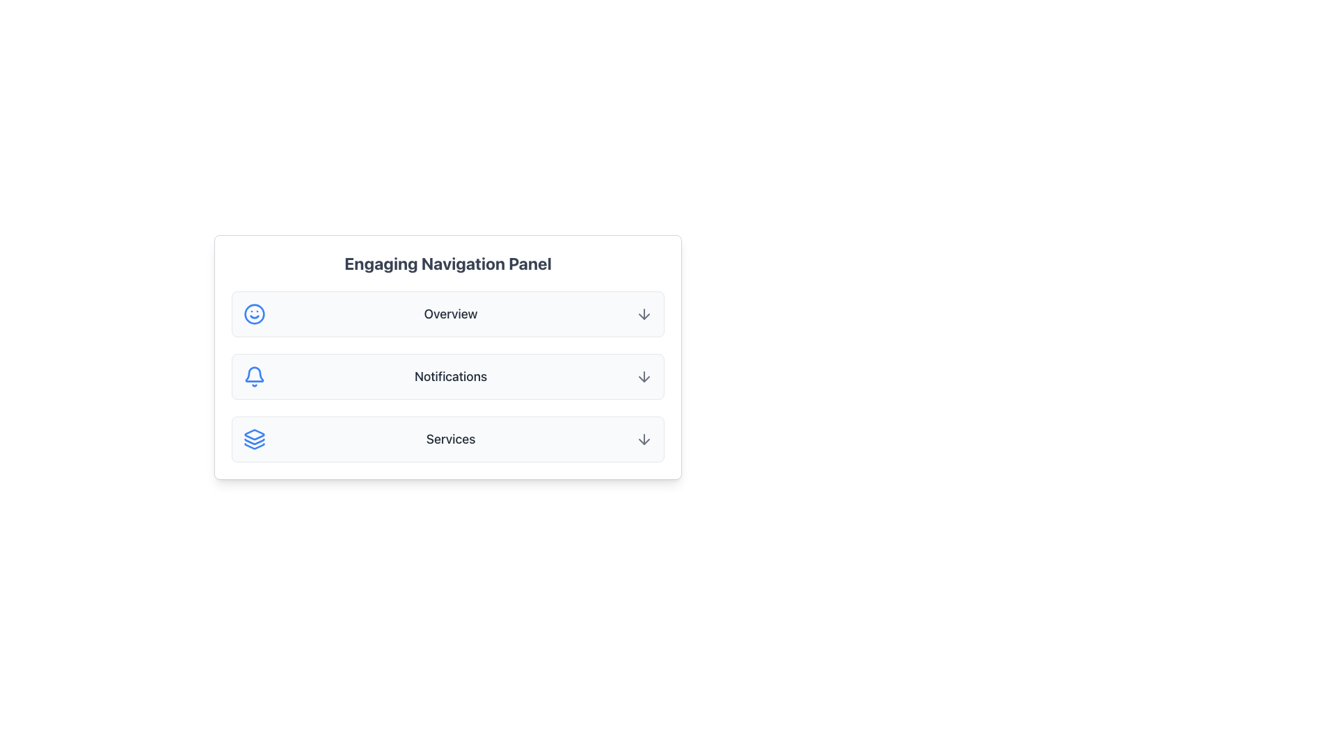 This screenshot has width=1336, height=751. What do you see at coordinates (447, 439) in the screenshot?
I see `the 'Services' button in the navigation tile` at bounding box center [447, 439].